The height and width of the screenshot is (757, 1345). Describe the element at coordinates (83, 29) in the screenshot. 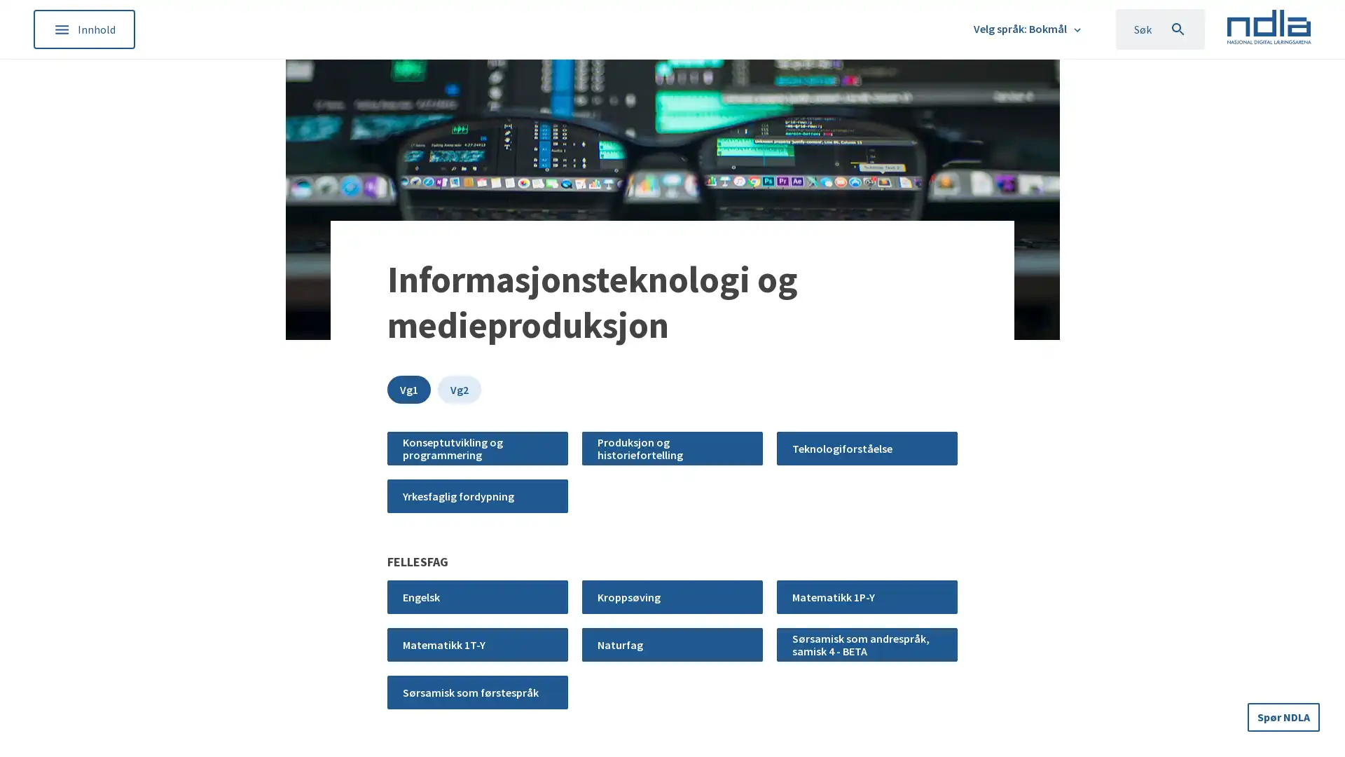

I see `Innhold` at that location.